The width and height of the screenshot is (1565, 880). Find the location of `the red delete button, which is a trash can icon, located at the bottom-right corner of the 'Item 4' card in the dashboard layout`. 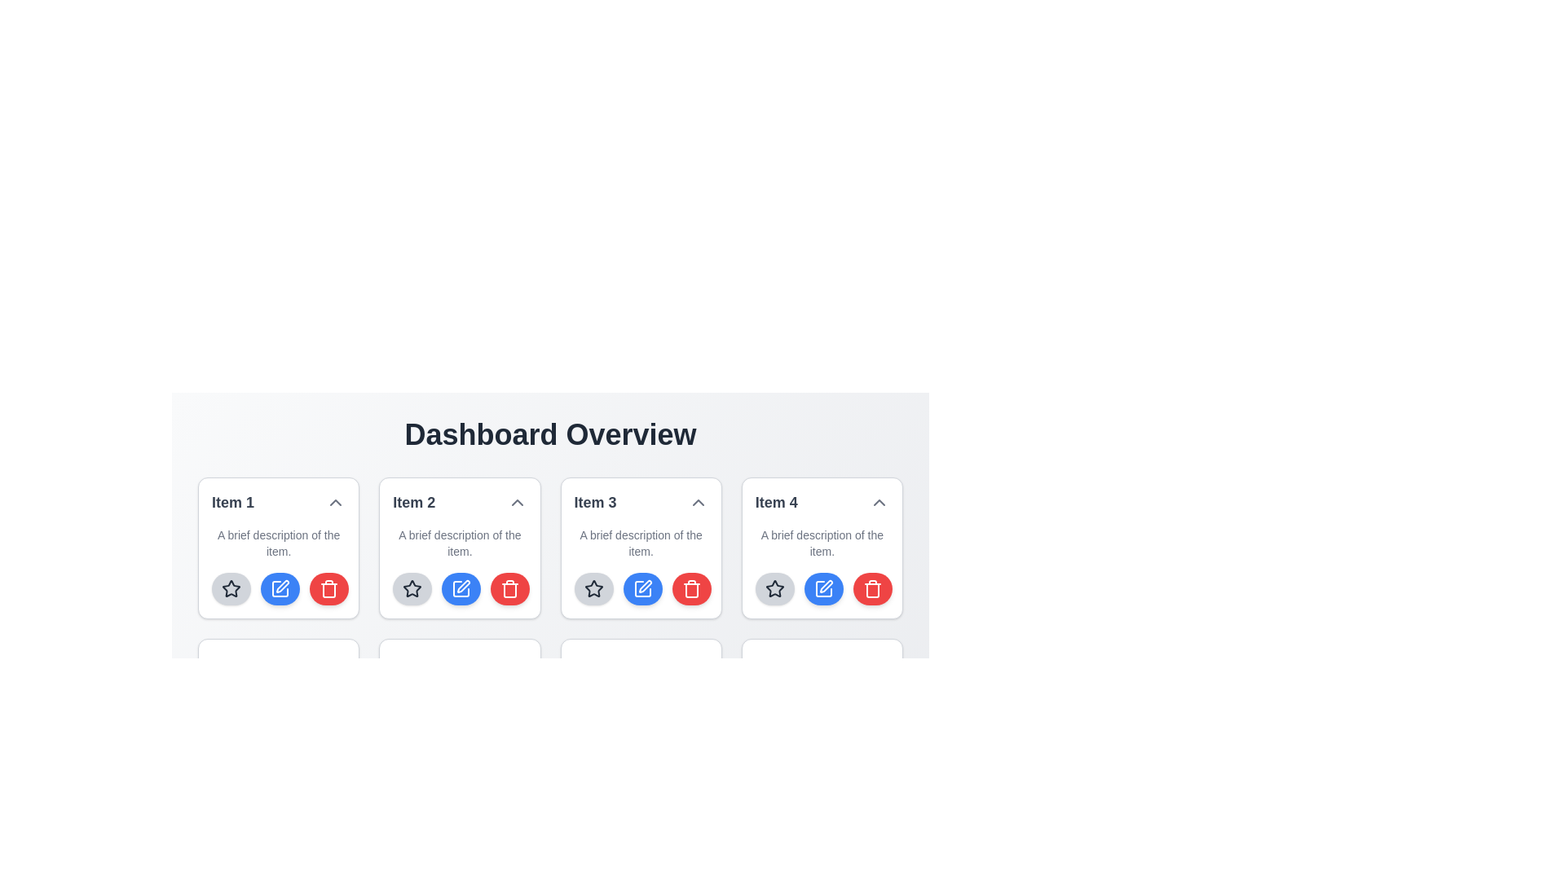

the red delete button, which is a trash can icon, located at the bottom-right corner of the 'Item 4' card in the dashboard layout is located at coordinates (871, 588).